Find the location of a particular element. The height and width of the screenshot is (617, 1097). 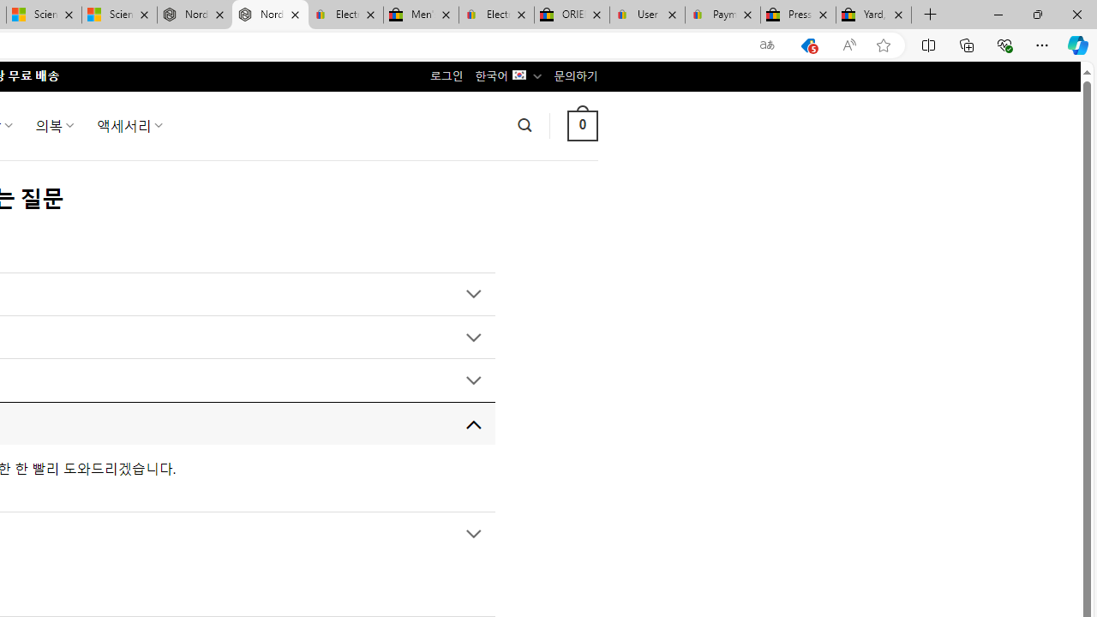

'Nordace - FAQ' is located at coordinates (269, 15).